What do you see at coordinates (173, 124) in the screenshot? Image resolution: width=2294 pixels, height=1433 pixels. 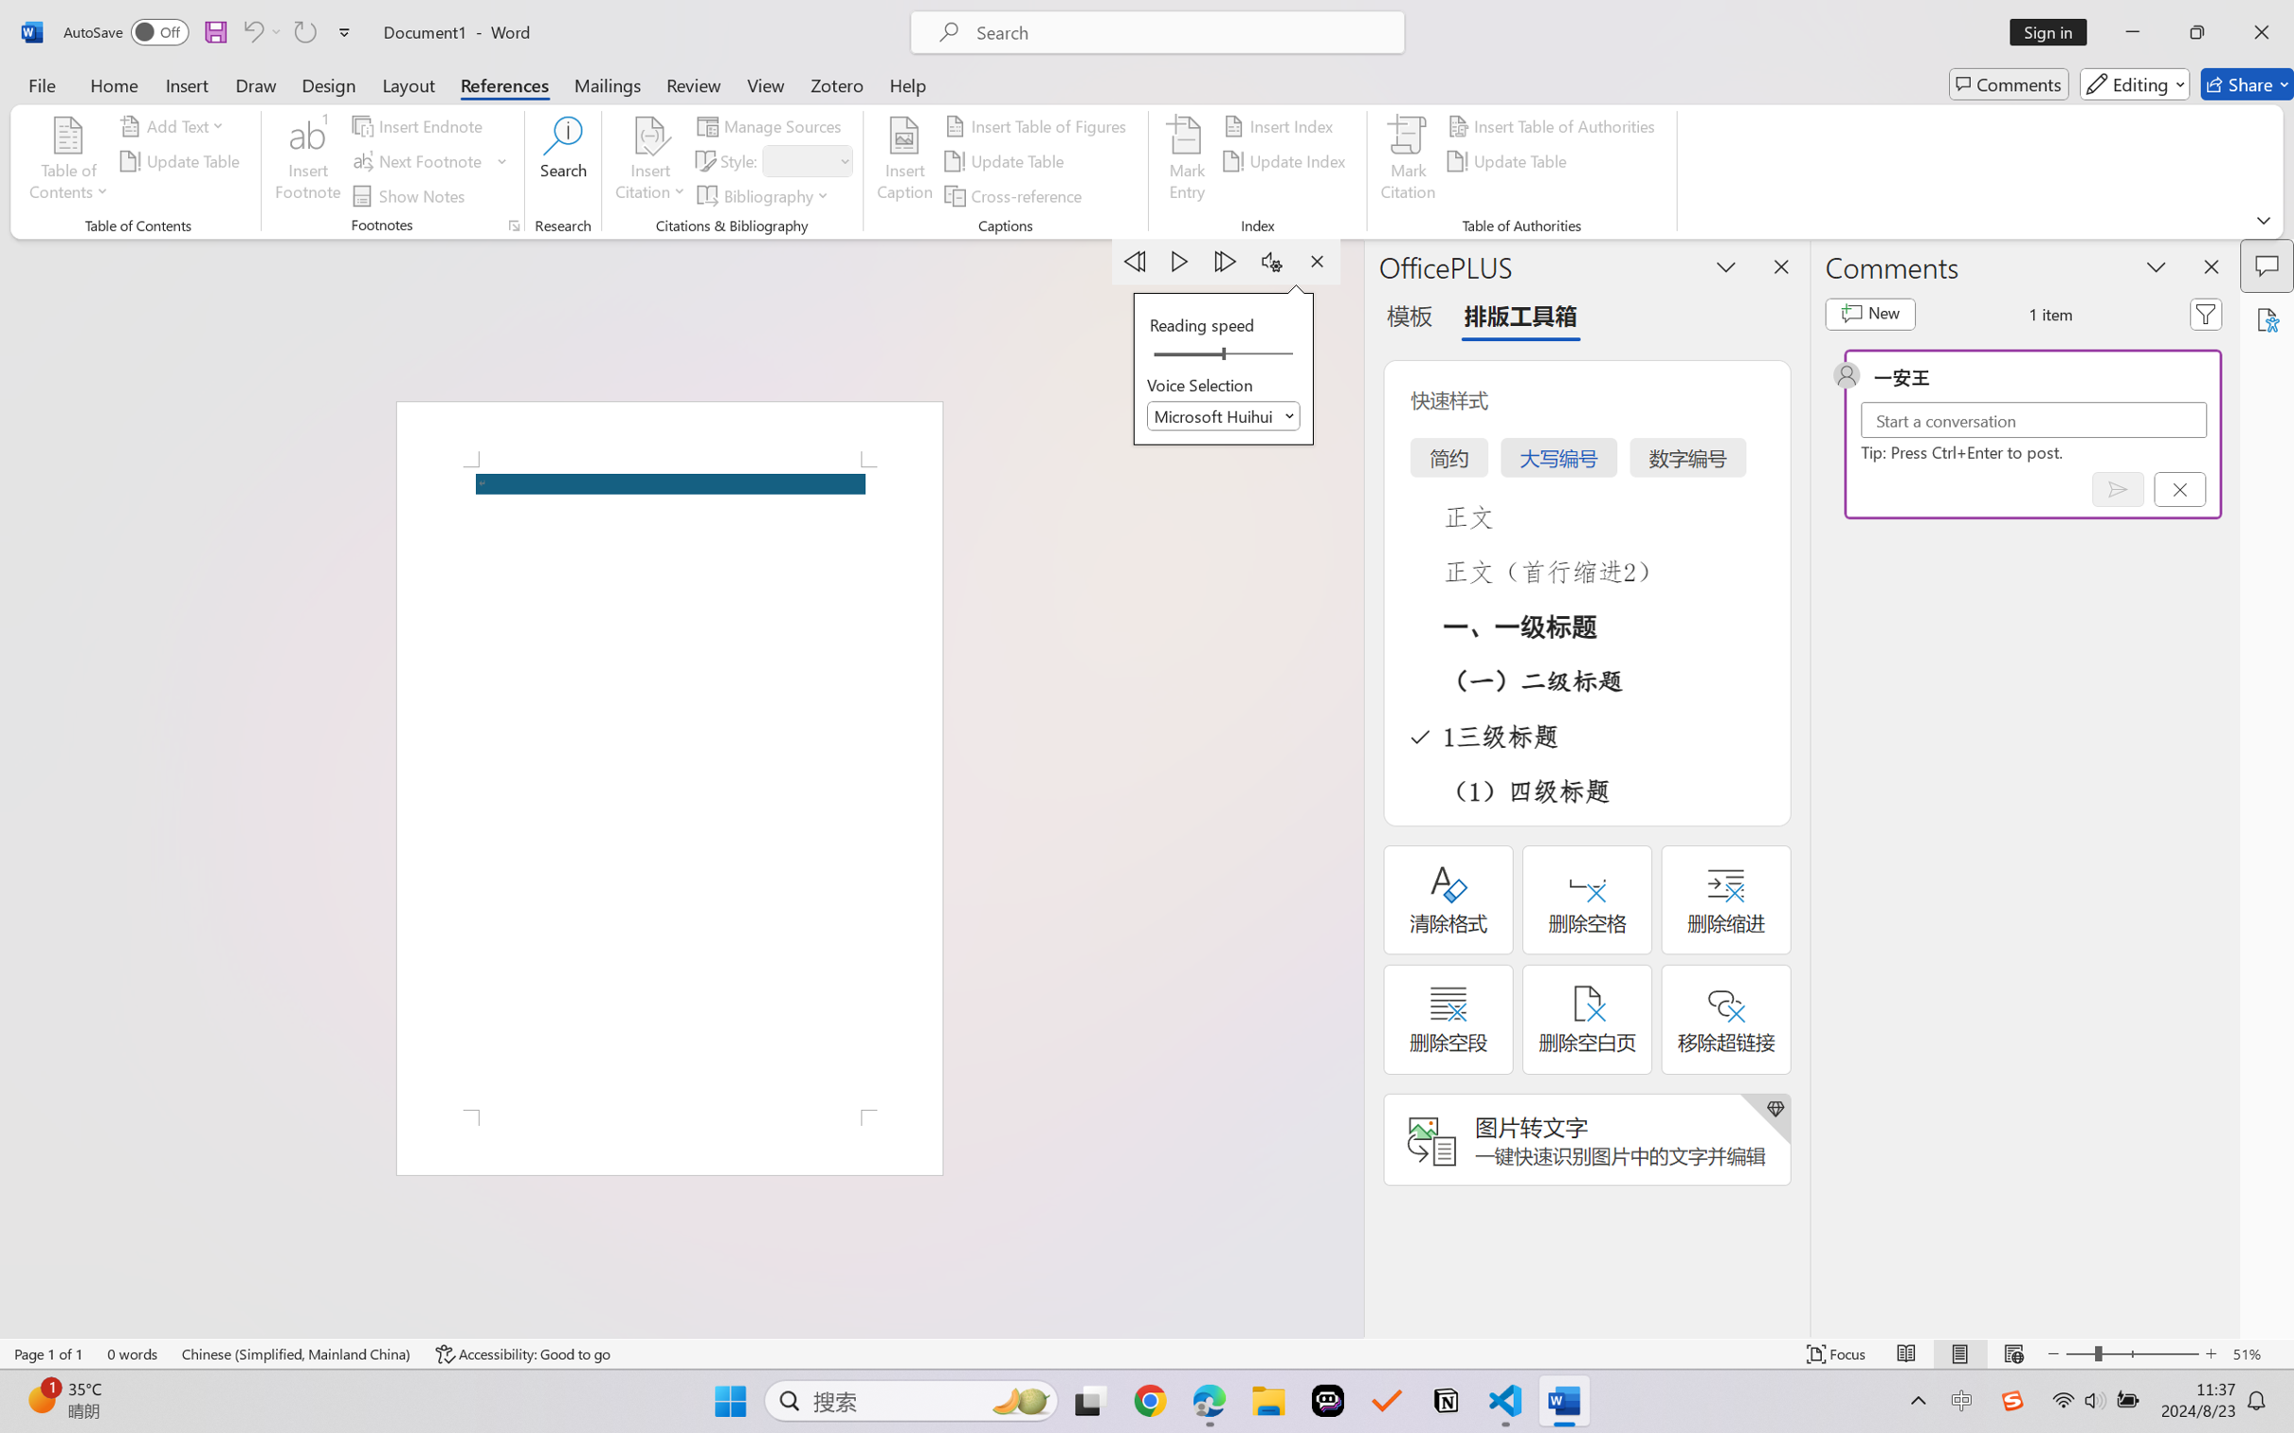 I see `'Add Text'` at bounding box center [173, 124].